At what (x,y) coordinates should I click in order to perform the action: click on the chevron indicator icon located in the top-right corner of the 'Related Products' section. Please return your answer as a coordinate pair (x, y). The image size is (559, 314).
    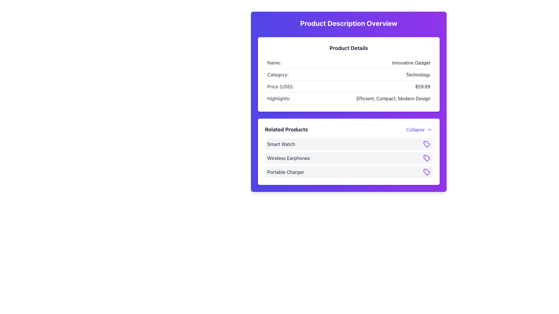
    Looking at the image, I should click on (430, 129).